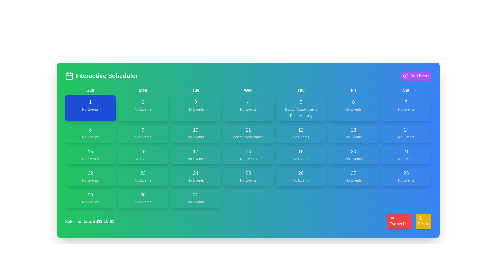  What do you see at coordinates (143, 173) in the screenshot?
I see `the numerical label '23' displayed in bold, large font color white against a green background in the calendar interface` at bounding box center [143, 173].